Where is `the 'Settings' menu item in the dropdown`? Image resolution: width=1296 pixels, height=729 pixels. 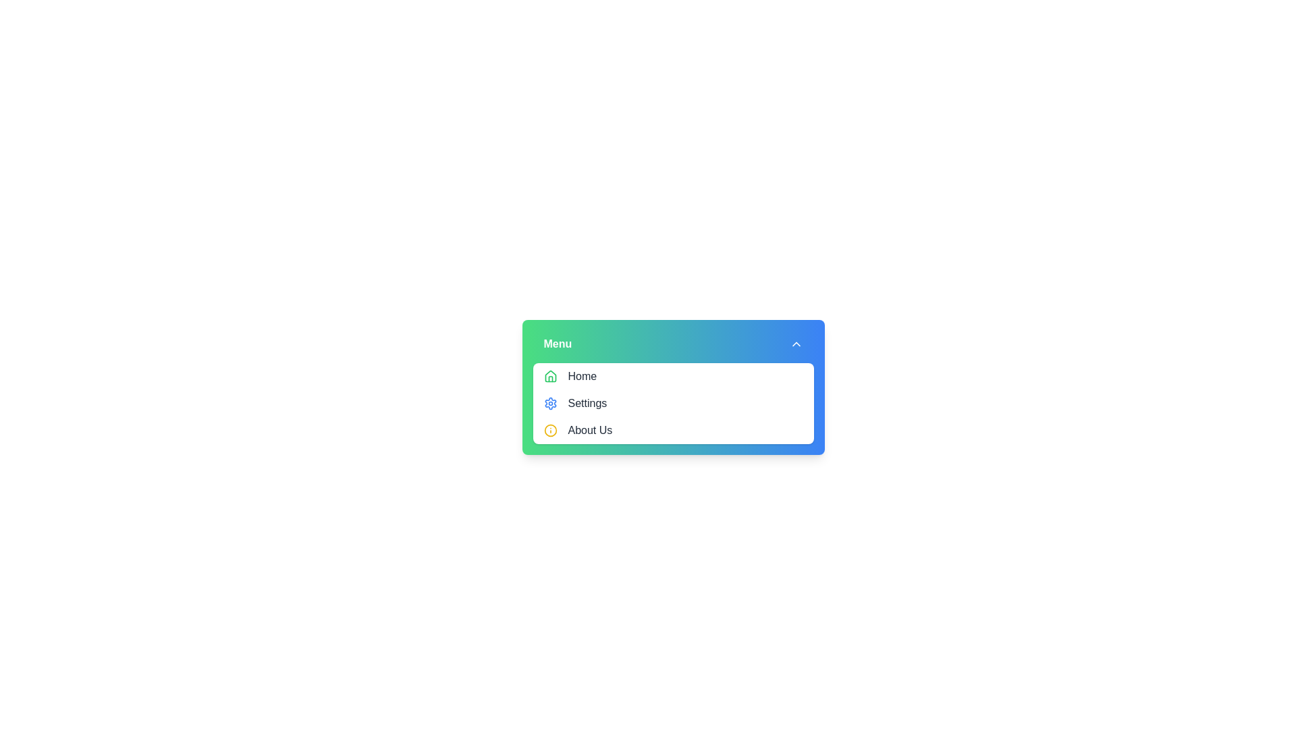
the 'Settings' menu item in the dropdown is located at coordinates (673, 402).